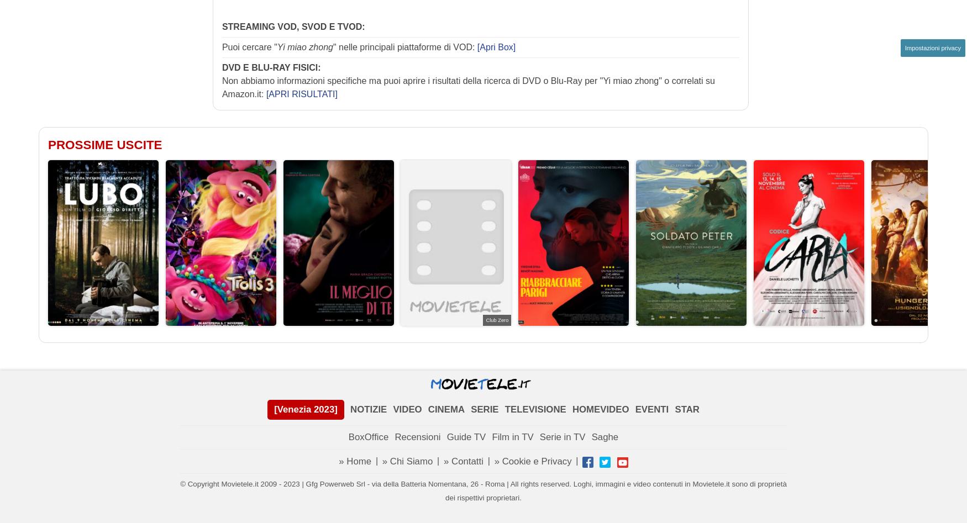 This screenshot has width=967, height=523. I want to click on 'Recensioni', so click(417, 437).